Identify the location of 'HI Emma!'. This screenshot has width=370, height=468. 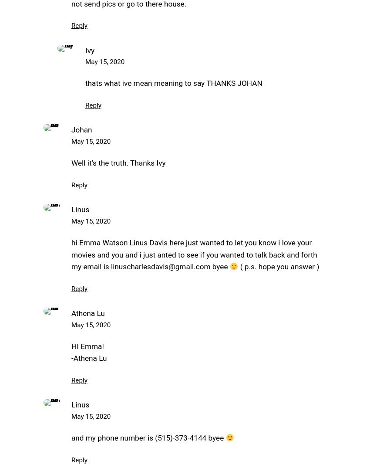
(87, 346).